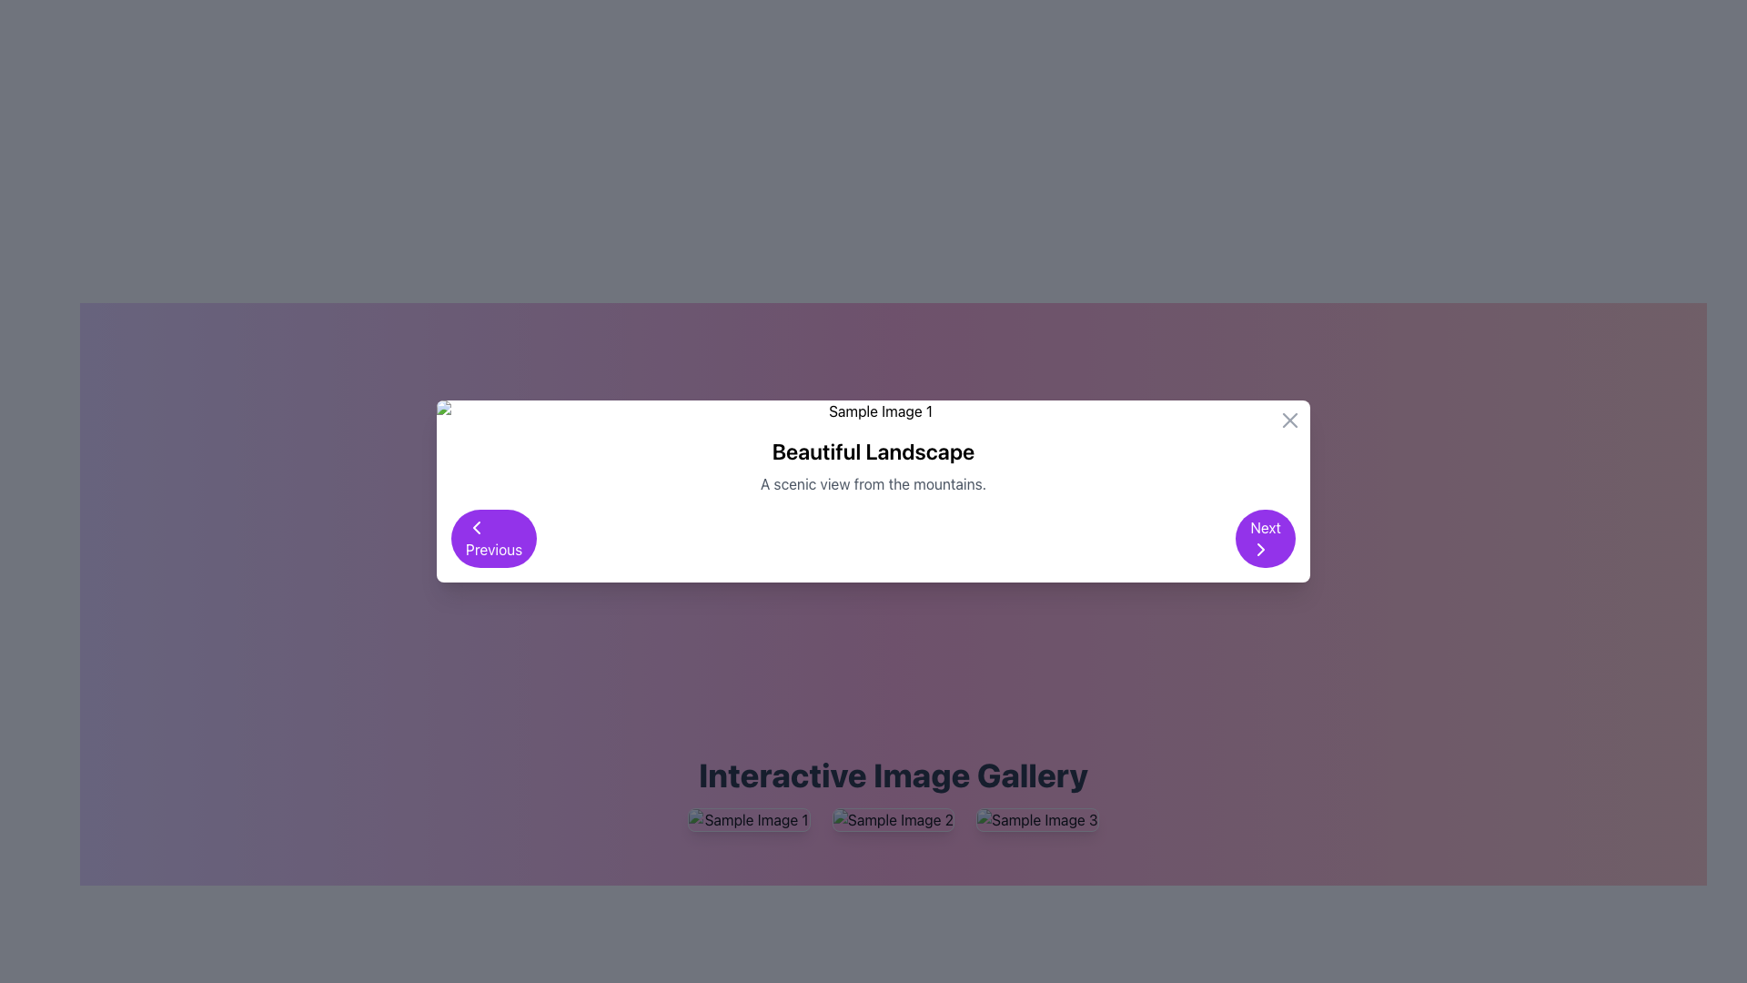 This screenshot has height=983, width=1747. What do you see at coordinates (476, 527) in the screenshot?
I see `the 'Previous' circular button by clicking its center, which contains the navigational icon for moving to a previous item` at bounding box center [476, 527].